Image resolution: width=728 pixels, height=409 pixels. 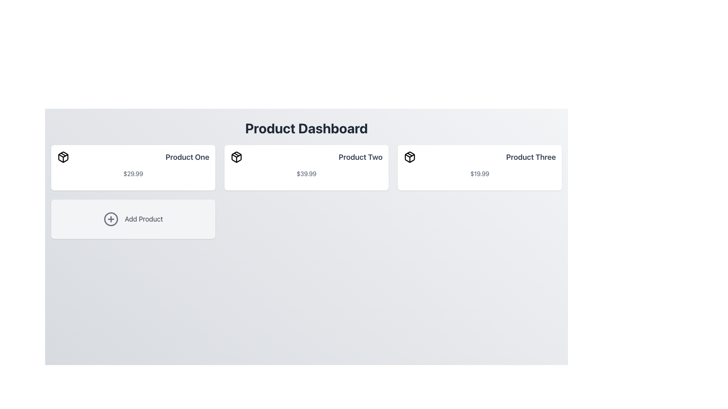 I want to click on the static text header element located at the top center of the interface, which indicates the main purpose or content of the page, so click(x=306, y=128).